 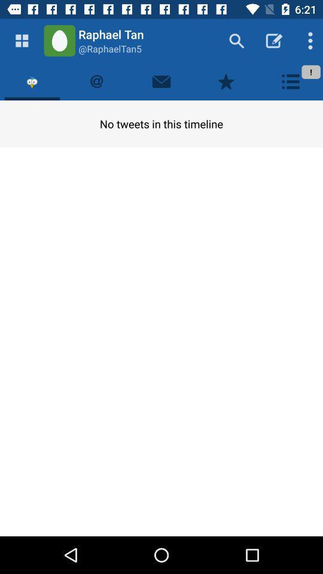 I want to click on main feed, so click(x=22, y=41).